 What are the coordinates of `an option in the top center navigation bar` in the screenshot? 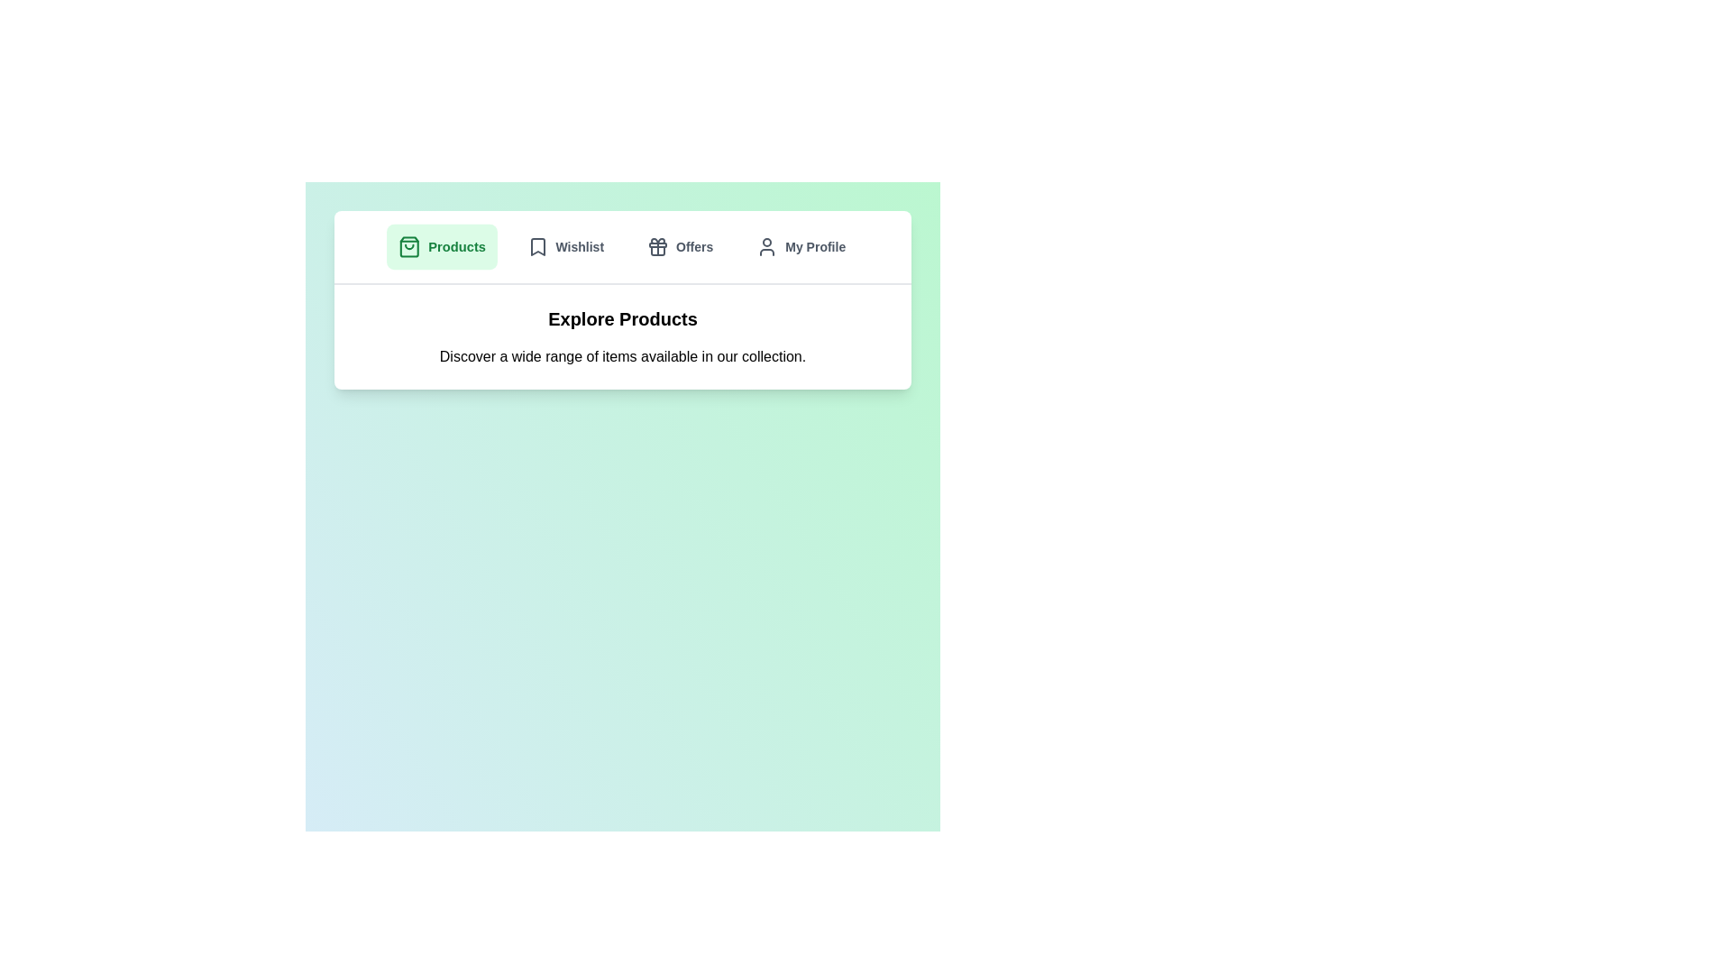 It's located at (623, 247).